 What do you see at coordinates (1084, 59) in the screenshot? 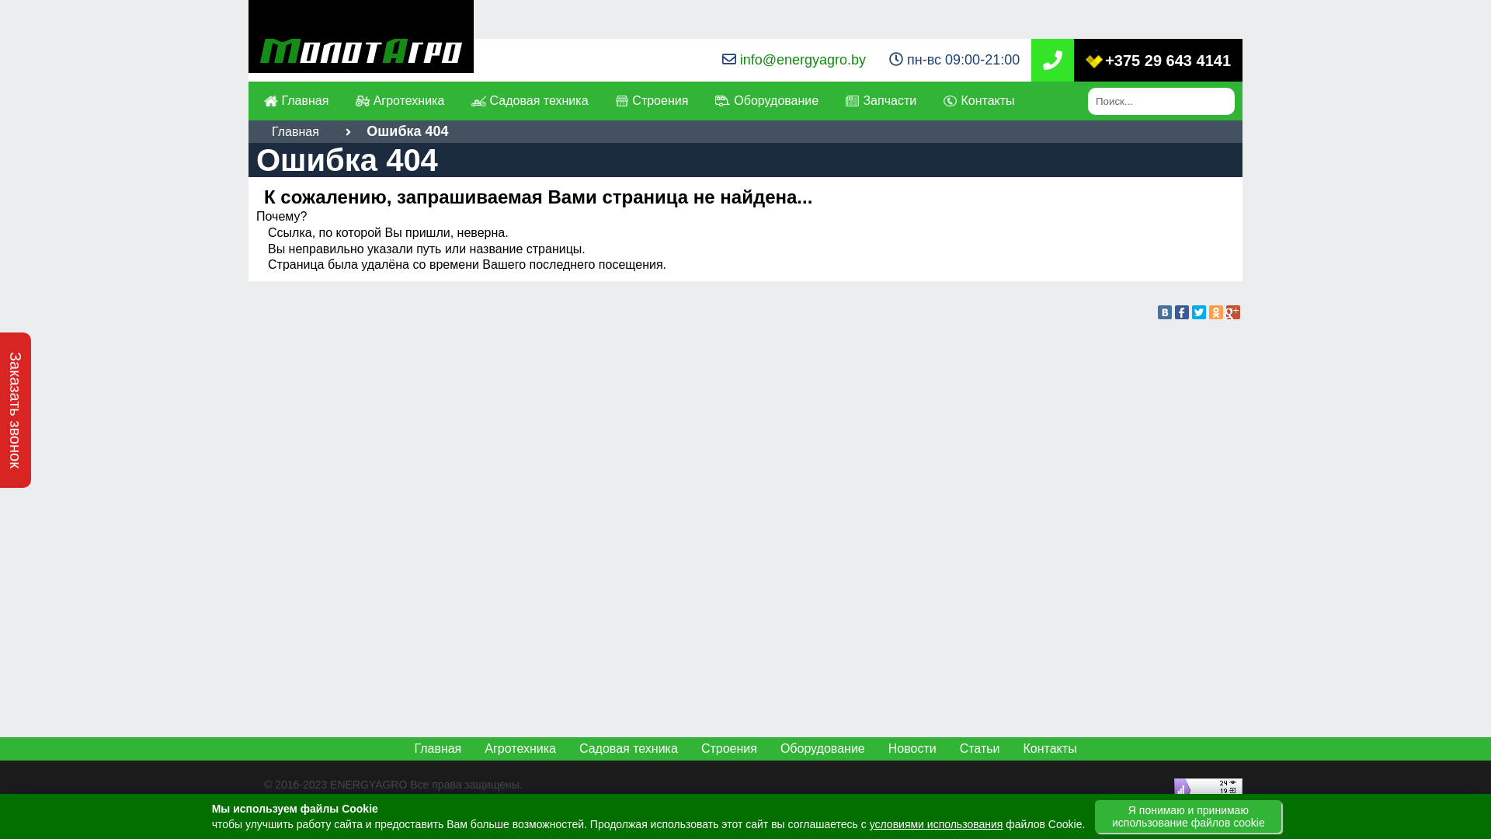
I see `'+375 29 643 4141'` at bounding box center [1084, 59].